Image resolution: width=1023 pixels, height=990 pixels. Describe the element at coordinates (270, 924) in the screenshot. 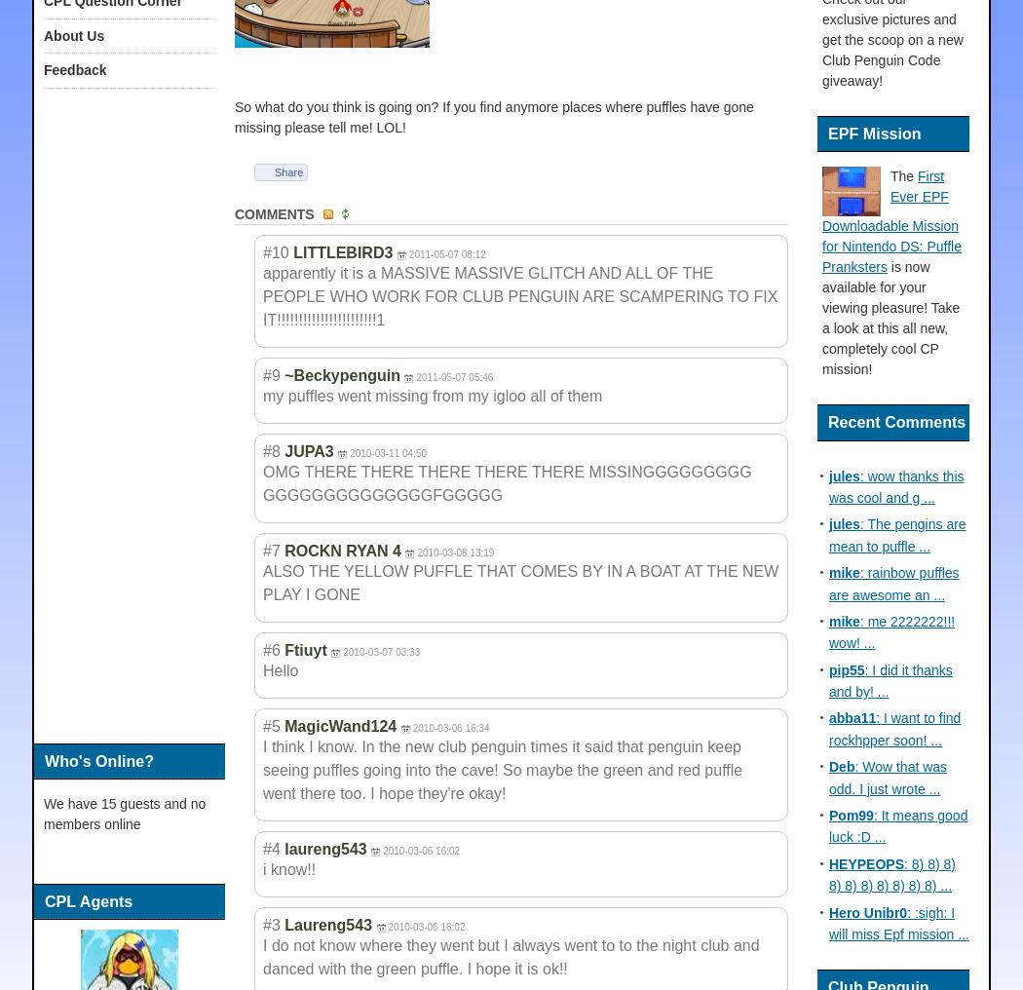

I see `'#3'` at that location.